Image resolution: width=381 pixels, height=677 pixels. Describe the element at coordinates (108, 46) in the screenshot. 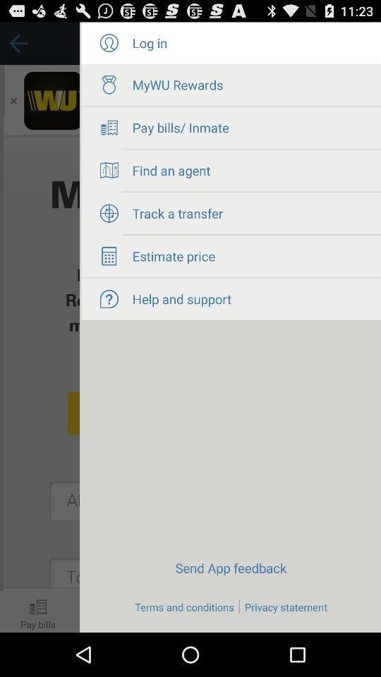

I see `the avatar icon` at that location.